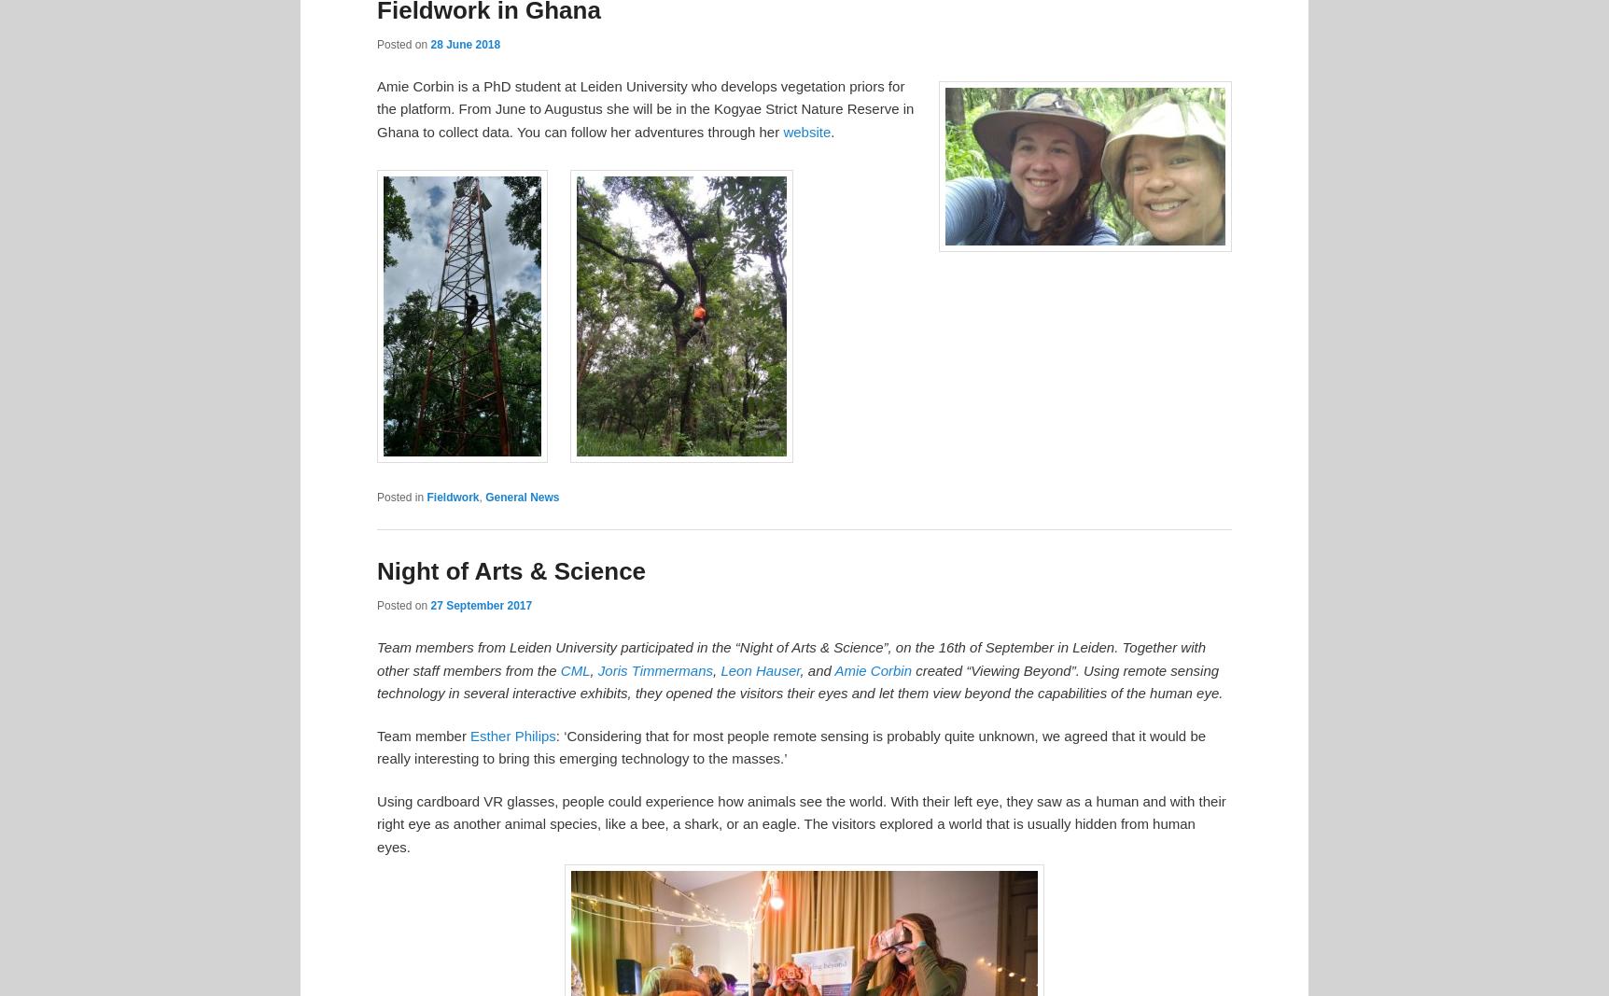 This screenshot has height=996, width=1609. What do you see at coordinates (521, 496) in the screenshot?
I see `'General News'` at bounding box center [521, 496].